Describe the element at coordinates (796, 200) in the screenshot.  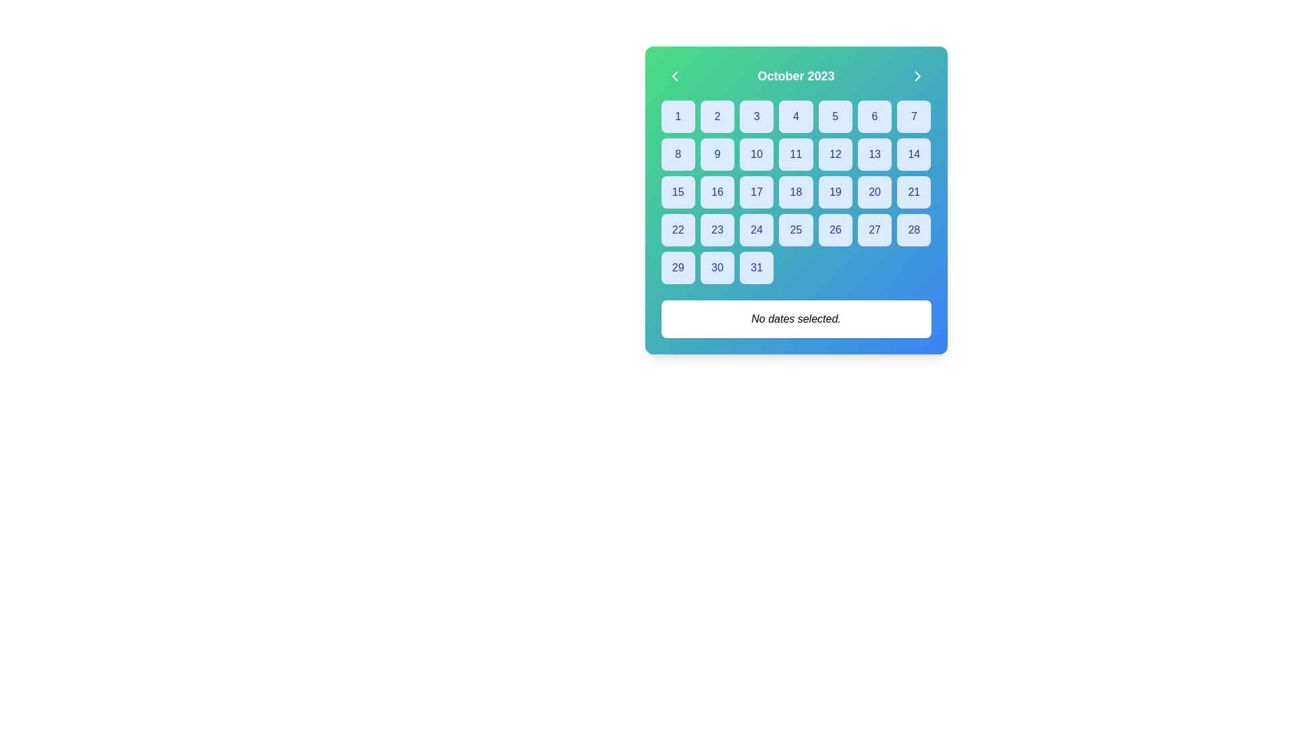
I see `a date in the Calendar widget for October 2023, located centrally below the title` at that location.